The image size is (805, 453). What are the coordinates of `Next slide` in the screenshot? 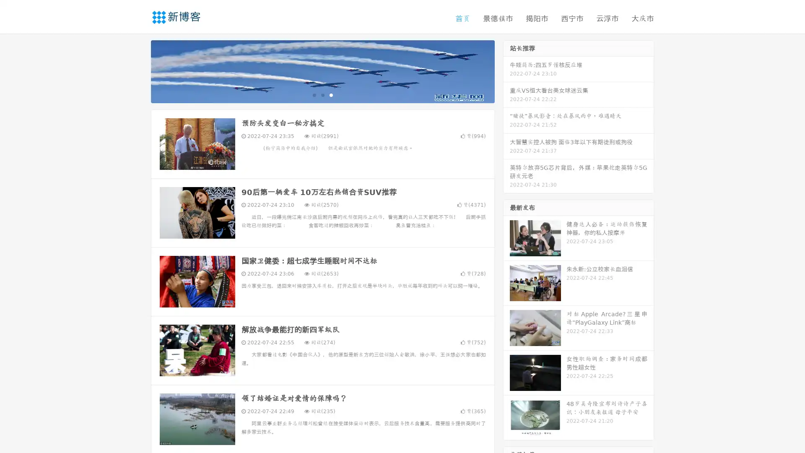 It's located at (506, 70).